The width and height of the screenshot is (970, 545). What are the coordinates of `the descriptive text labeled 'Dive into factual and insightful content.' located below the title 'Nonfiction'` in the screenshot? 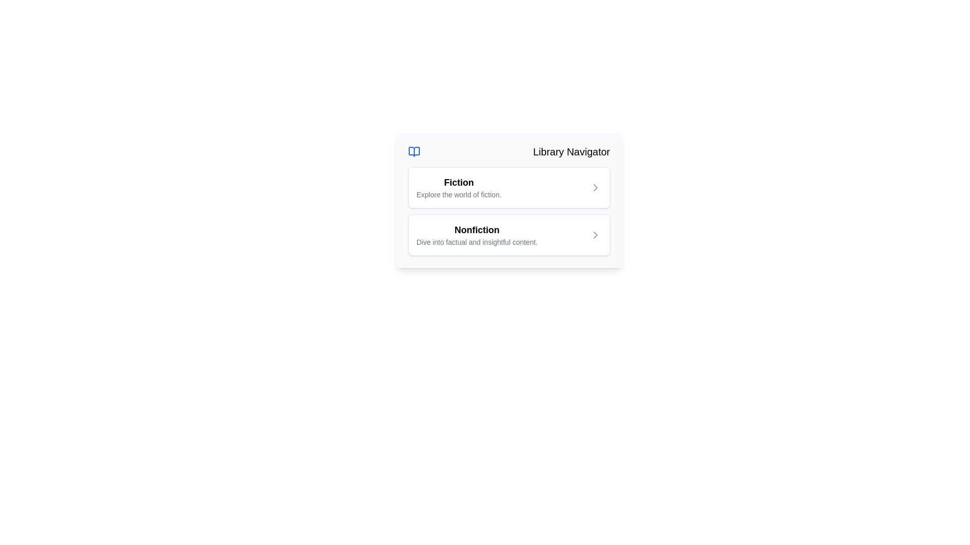 It's located at (476, 242).